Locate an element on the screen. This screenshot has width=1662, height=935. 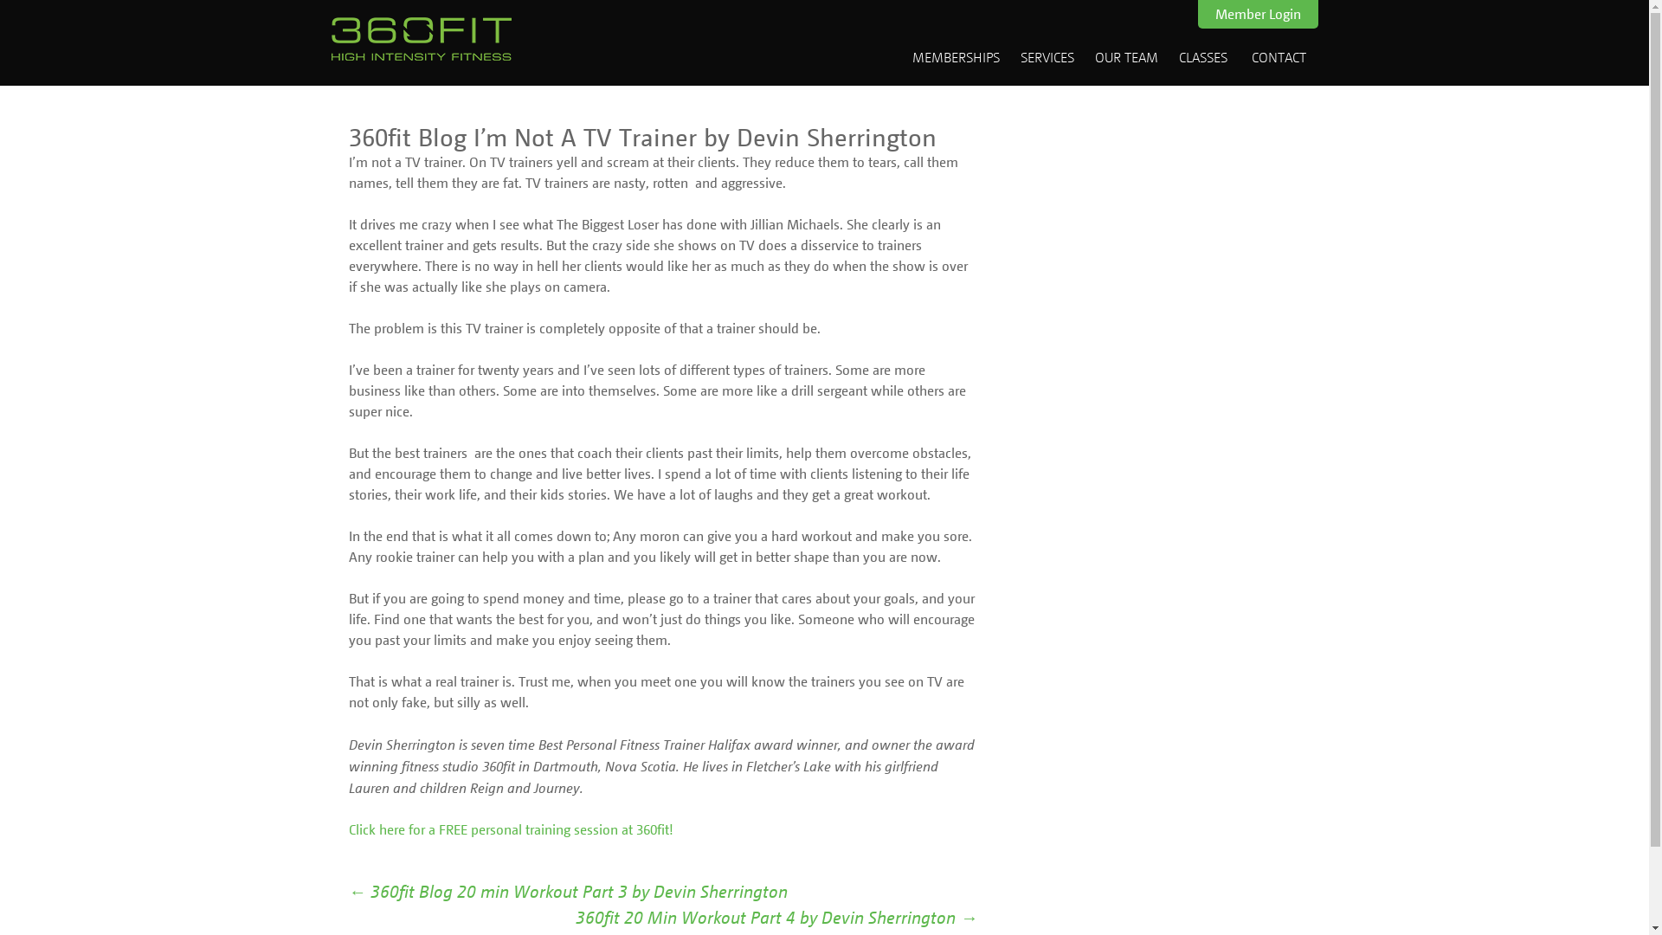
'SERVICES' is located at coordinates (1046, 55).